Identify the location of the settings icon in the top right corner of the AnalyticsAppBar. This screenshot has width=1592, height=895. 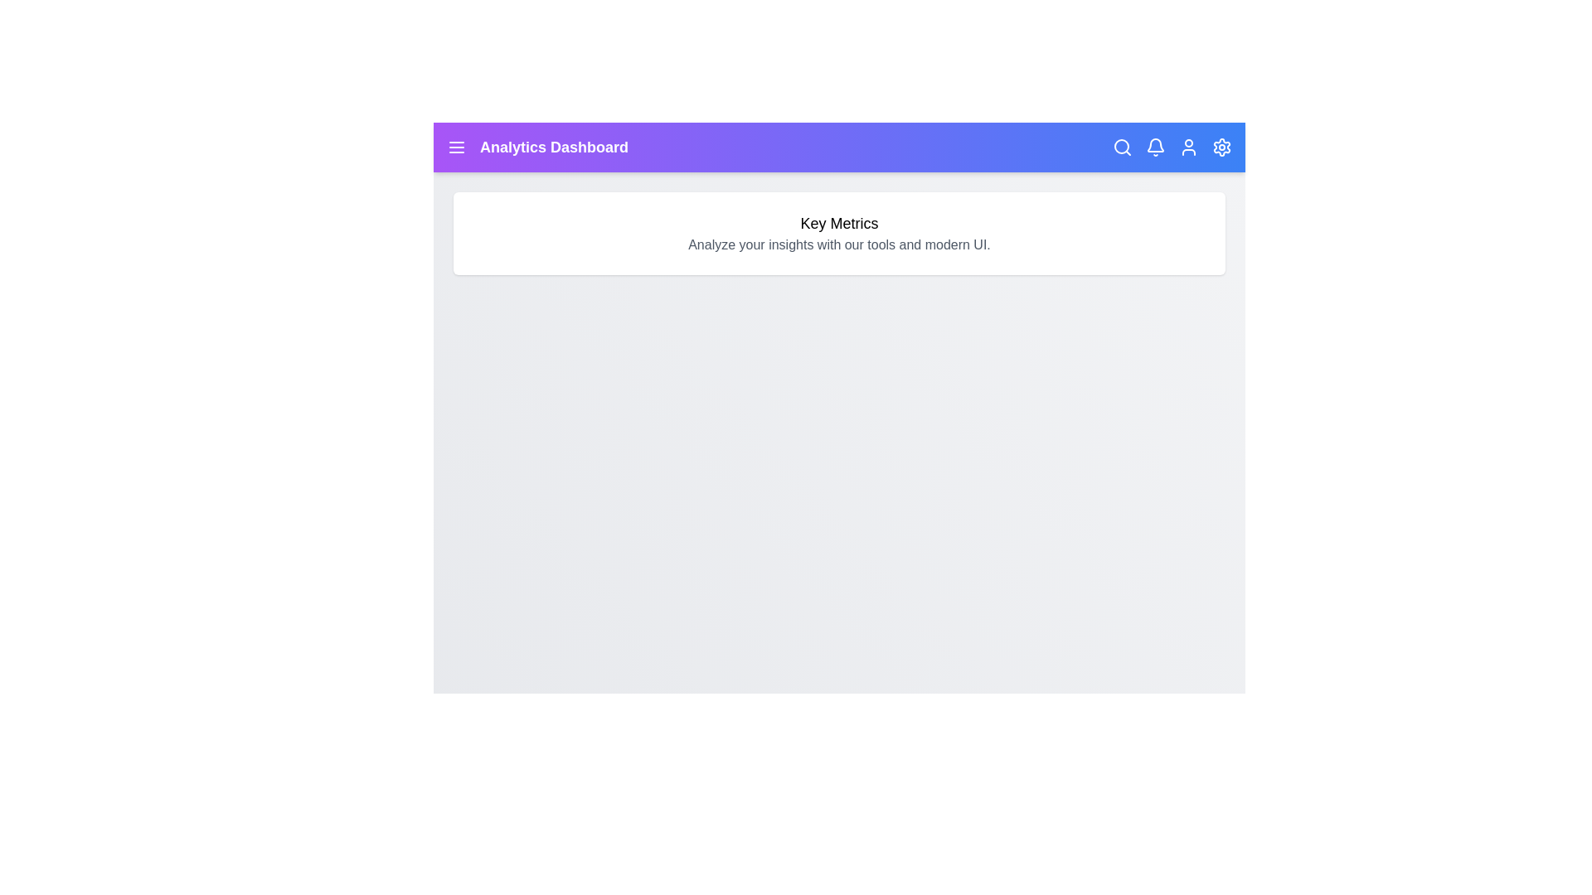
(1221, 146).